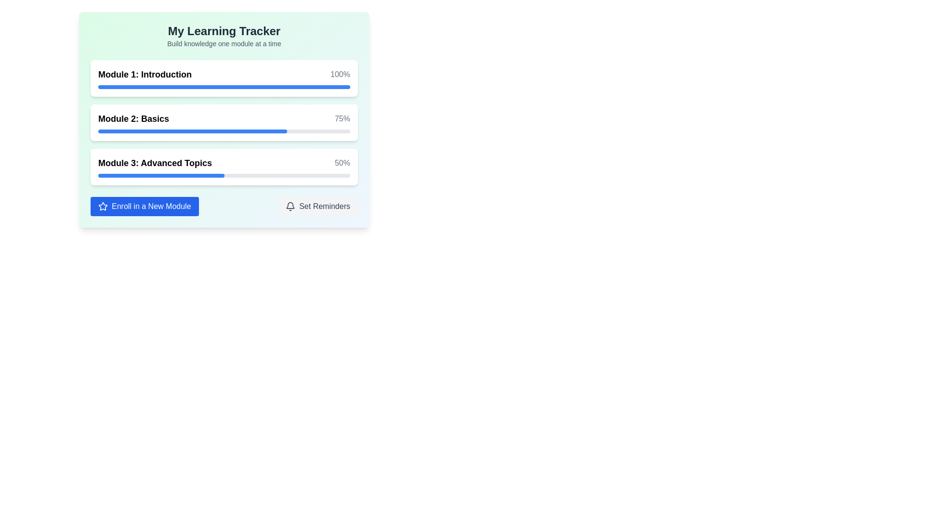 This screenshot has width=925, height=520. What do you see at coordinates (161, 176) in the screenshot?
I see `the progress bar fill indicating 50% completion for 'Module 3: Advanced Topics.'` at bounding box center [161, 176].